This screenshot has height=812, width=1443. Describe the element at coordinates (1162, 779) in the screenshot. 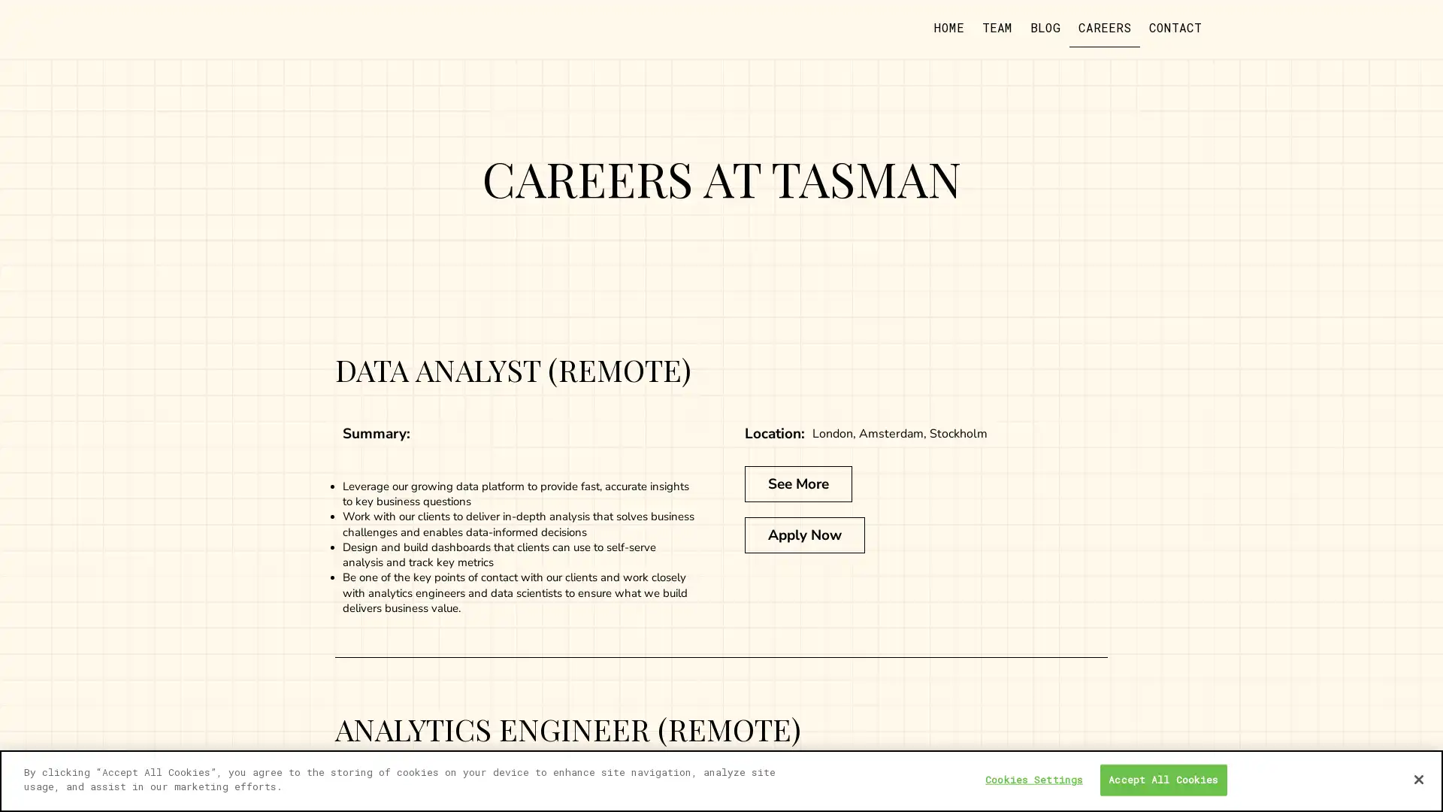

I see `Accept All Cookies` at that location.